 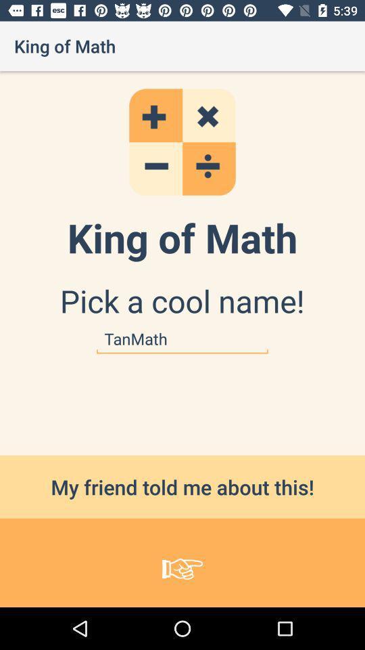 What do you see at coordinates (182, 487) in the screenshot?
I see `my friend told icon` at bounding box center [182, 487].